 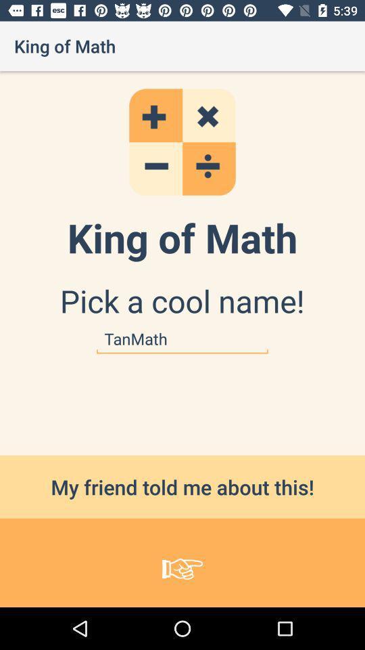 What do you see at coordinates (182, 487) in the screenshot?
I see `my friend told icon` at bounding box center [182, 487].